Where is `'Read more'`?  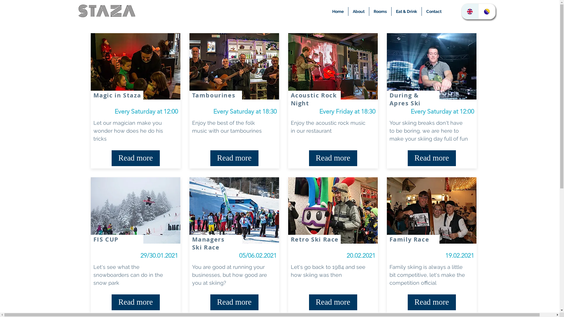 'Read more' is located at coordinates (432, 158).